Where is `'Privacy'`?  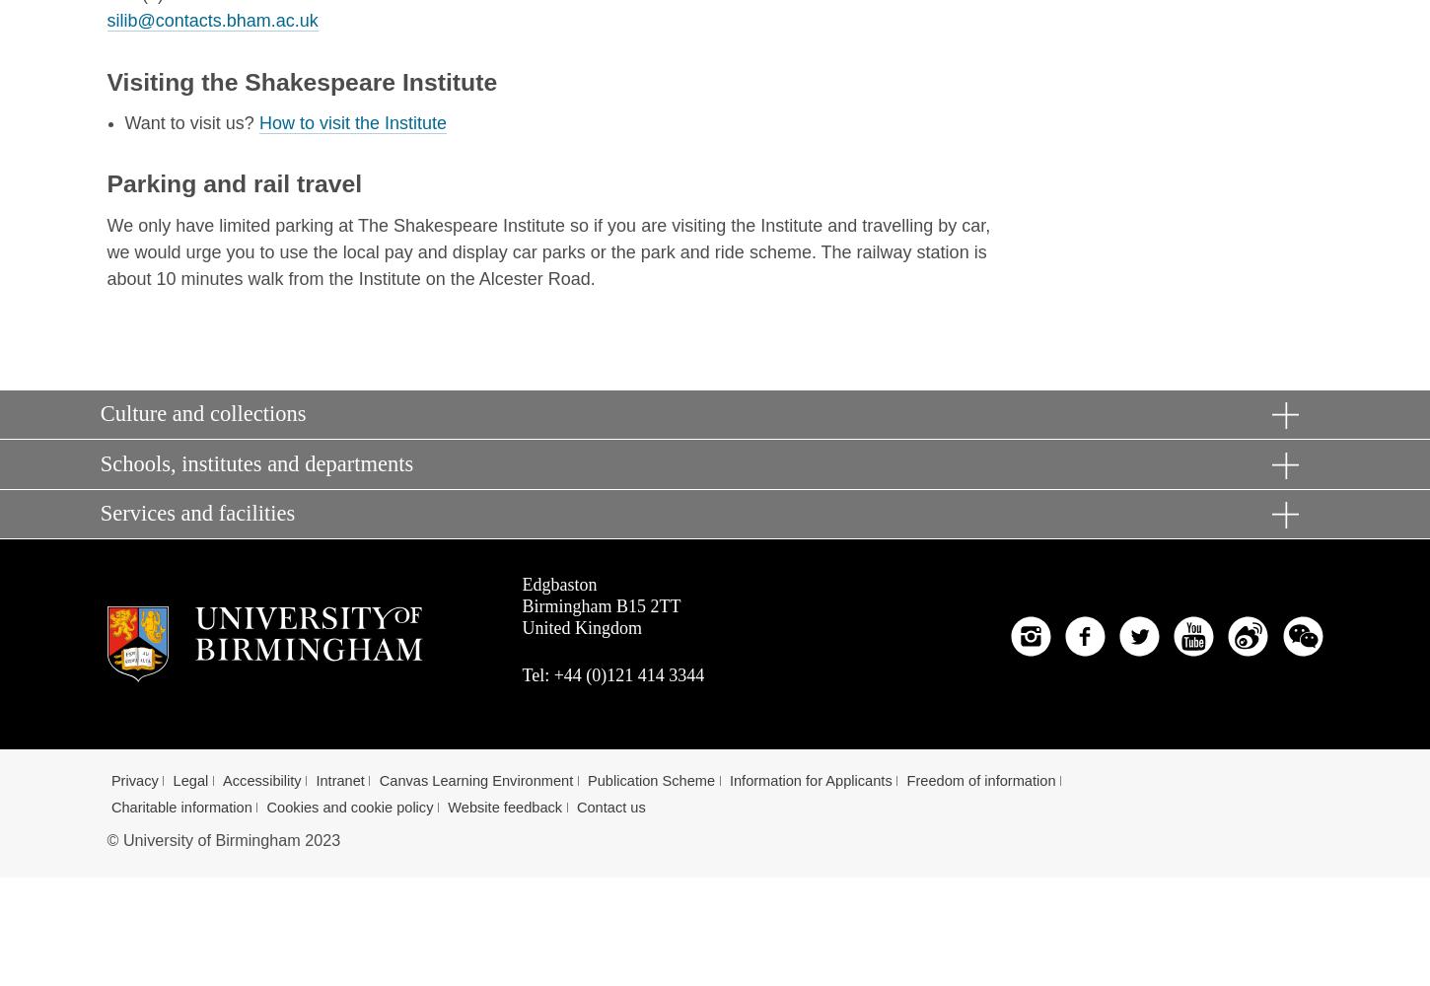
'Privacy' is located at coordinates (133, 780).